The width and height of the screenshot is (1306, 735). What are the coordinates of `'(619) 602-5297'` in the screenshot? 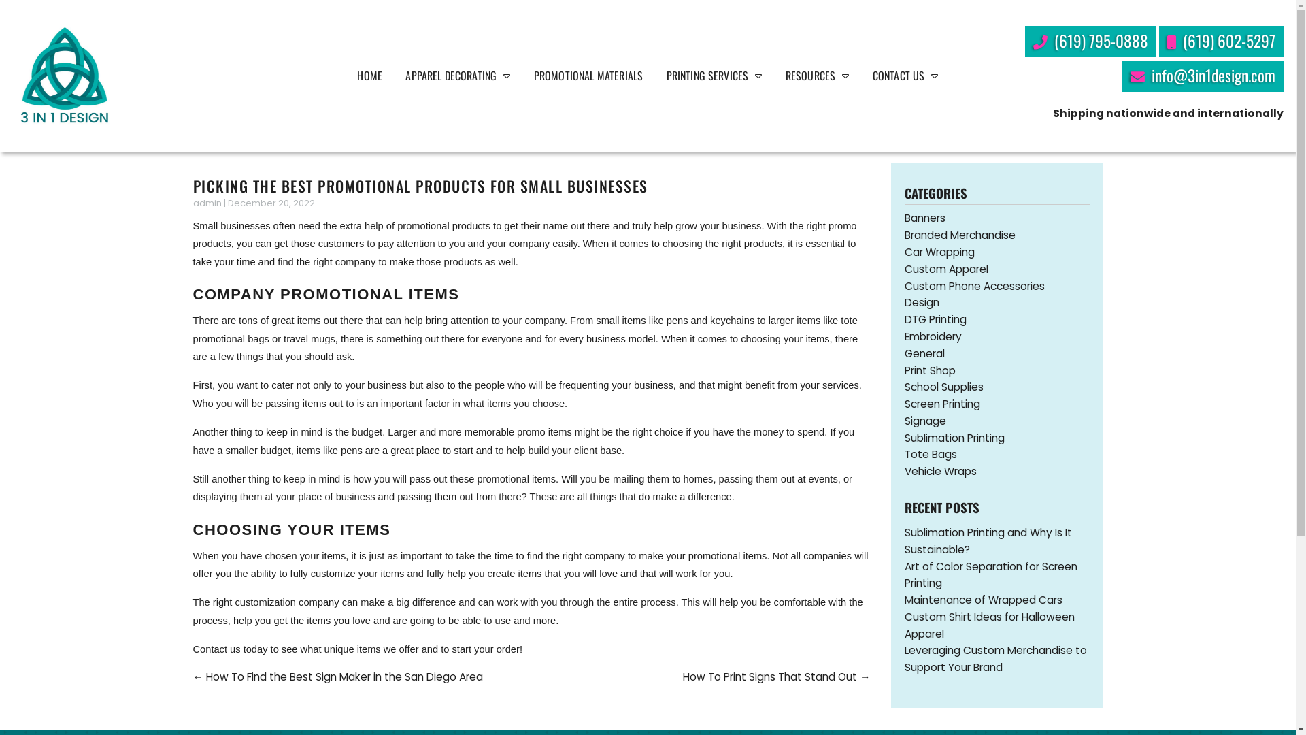 It's located at (1221, 41).